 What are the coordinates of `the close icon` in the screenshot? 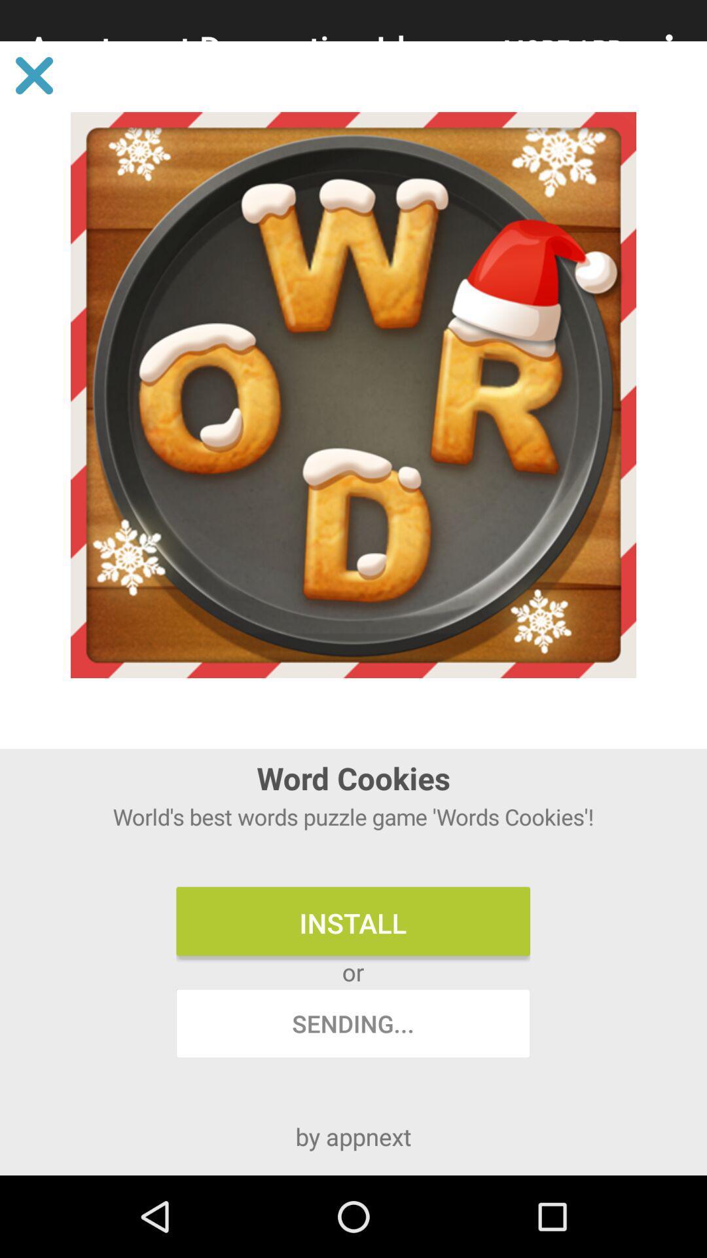 It's located at (33, 75).